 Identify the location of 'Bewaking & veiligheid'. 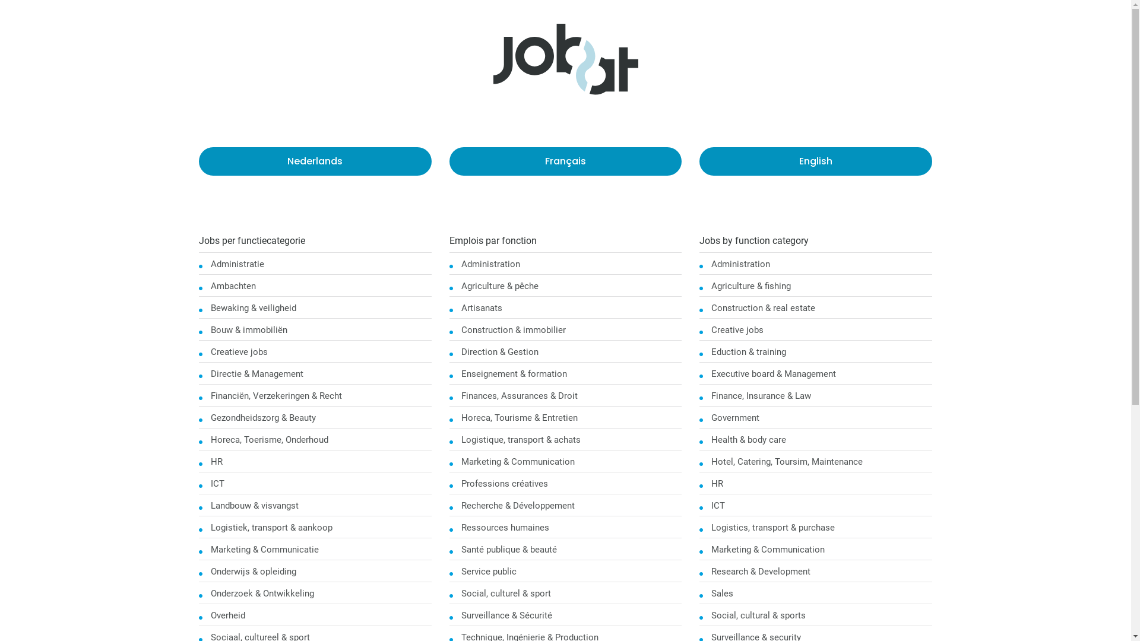
(253, 307).